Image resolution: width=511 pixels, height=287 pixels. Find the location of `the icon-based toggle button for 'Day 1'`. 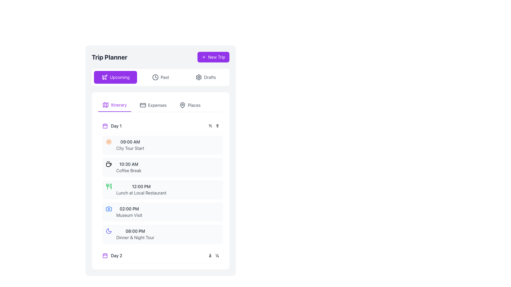

the icon-based toggle button for 'Day 1' is located at coordinates (214, 126).